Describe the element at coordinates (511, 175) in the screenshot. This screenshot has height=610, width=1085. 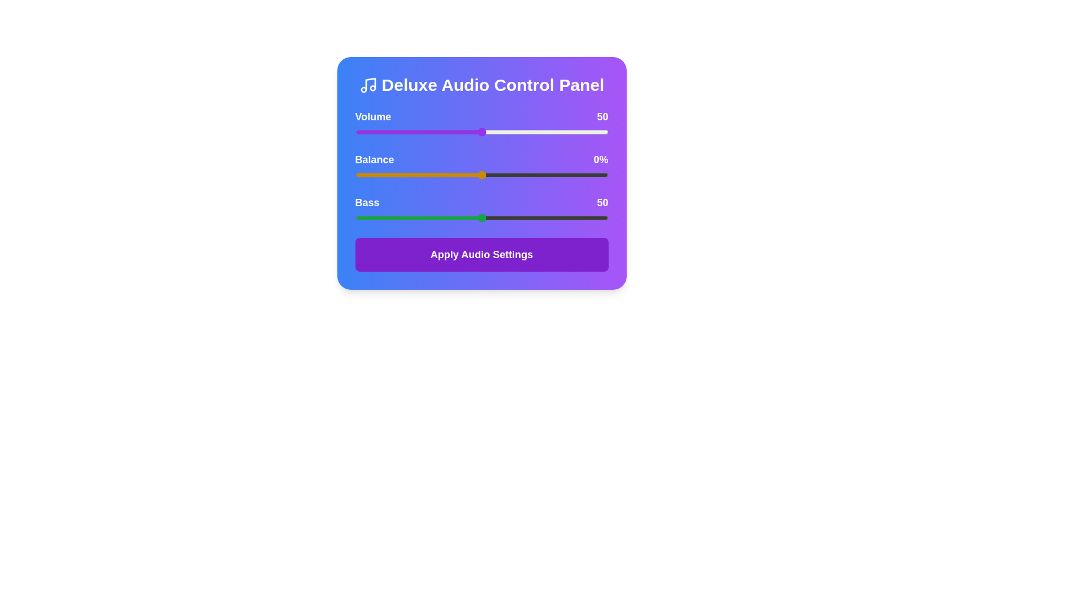
I see `balance` at that location.